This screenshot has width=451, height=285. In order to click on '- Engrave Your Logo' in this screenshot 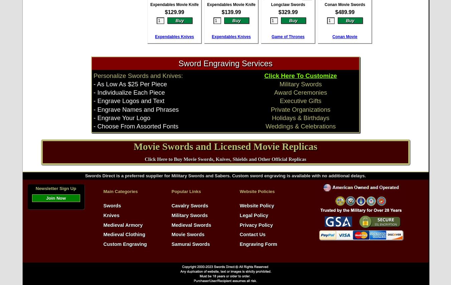, I will do `click(122, 117)`.